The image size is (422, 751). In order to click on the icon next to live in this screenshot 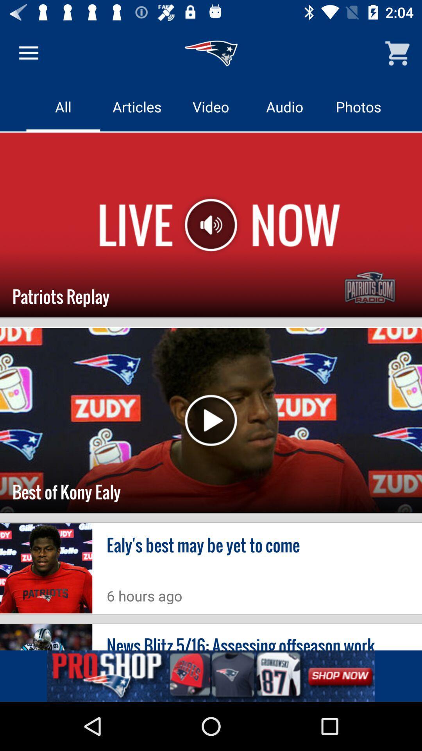, I will do `click(211, 225)`.